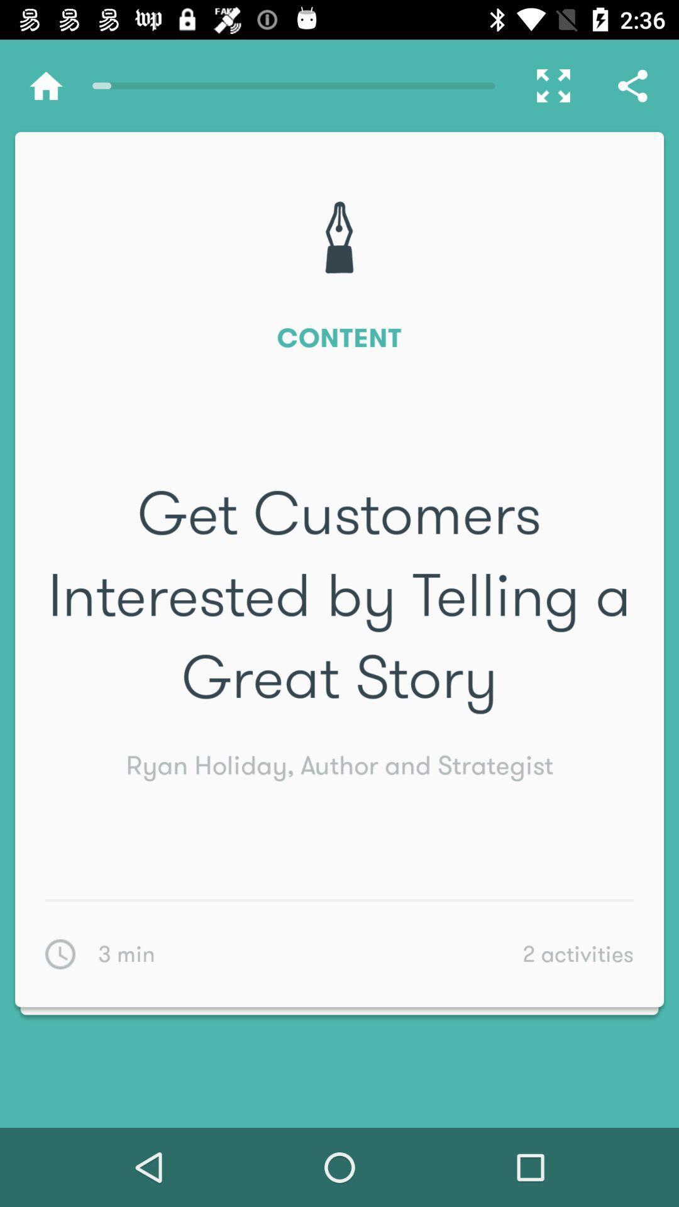 Image resolution: width=679 pixels, height=1207 pixels. Describe the element at coordinates (632, 85) in the screenshot. I see `the share icon` at that location.